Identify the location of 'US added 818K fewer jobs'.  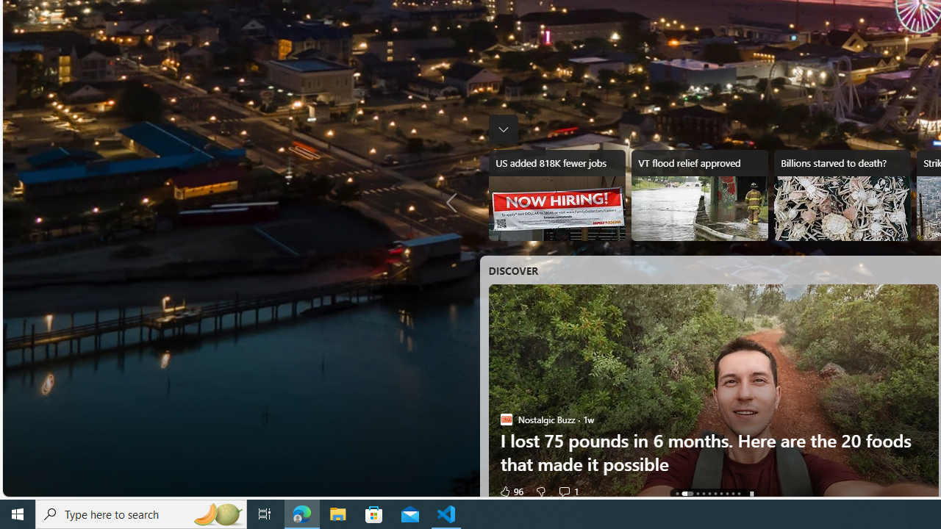
(556, 195).